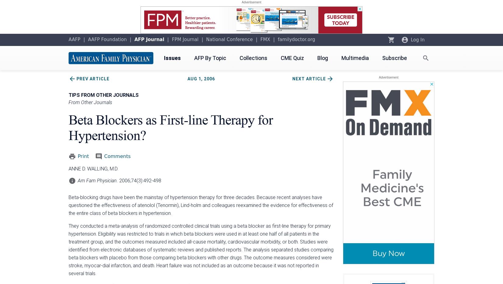  What do you see at coordinates (199, 69) in the screenshot?
I see `'In the seven studies (including more than 27,400 patients) comparing beta blockers with placebo or no treatment, the relative risk of stroke was reduced by 19 percent with beta blockers. The greatest reduction in stroke risk occurred in the two studies that used beta blockers in combination with other drugs, usually diuretics. Combination therapy was associated with a 45 percent reduction in stroke risk and a 43 percent reduction in mortality risk.'` at bounding box center [199, 69].